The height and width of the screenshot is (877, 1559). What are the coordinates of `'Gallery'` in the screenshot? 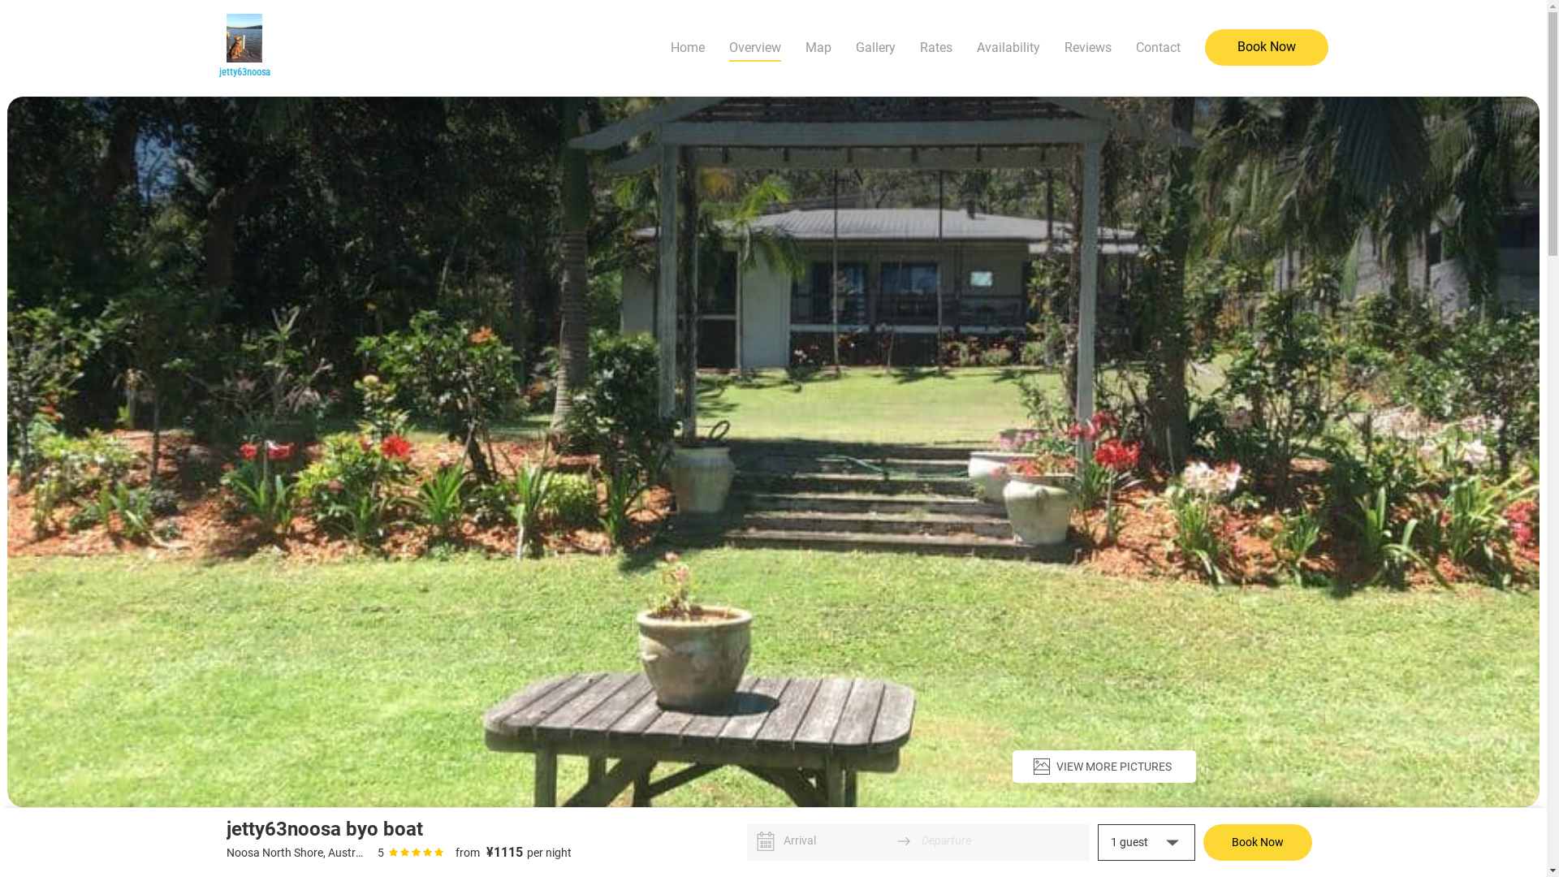 It's located at (875, 46).